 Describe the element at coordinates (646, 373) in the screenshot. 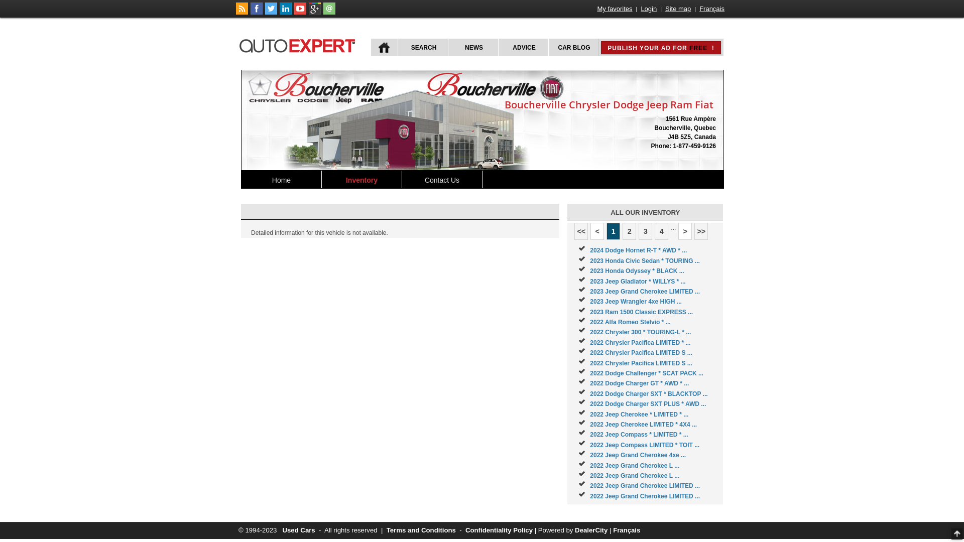

I see `'2022 Dodge Challenger * SCAT PACK ...'` at that location.